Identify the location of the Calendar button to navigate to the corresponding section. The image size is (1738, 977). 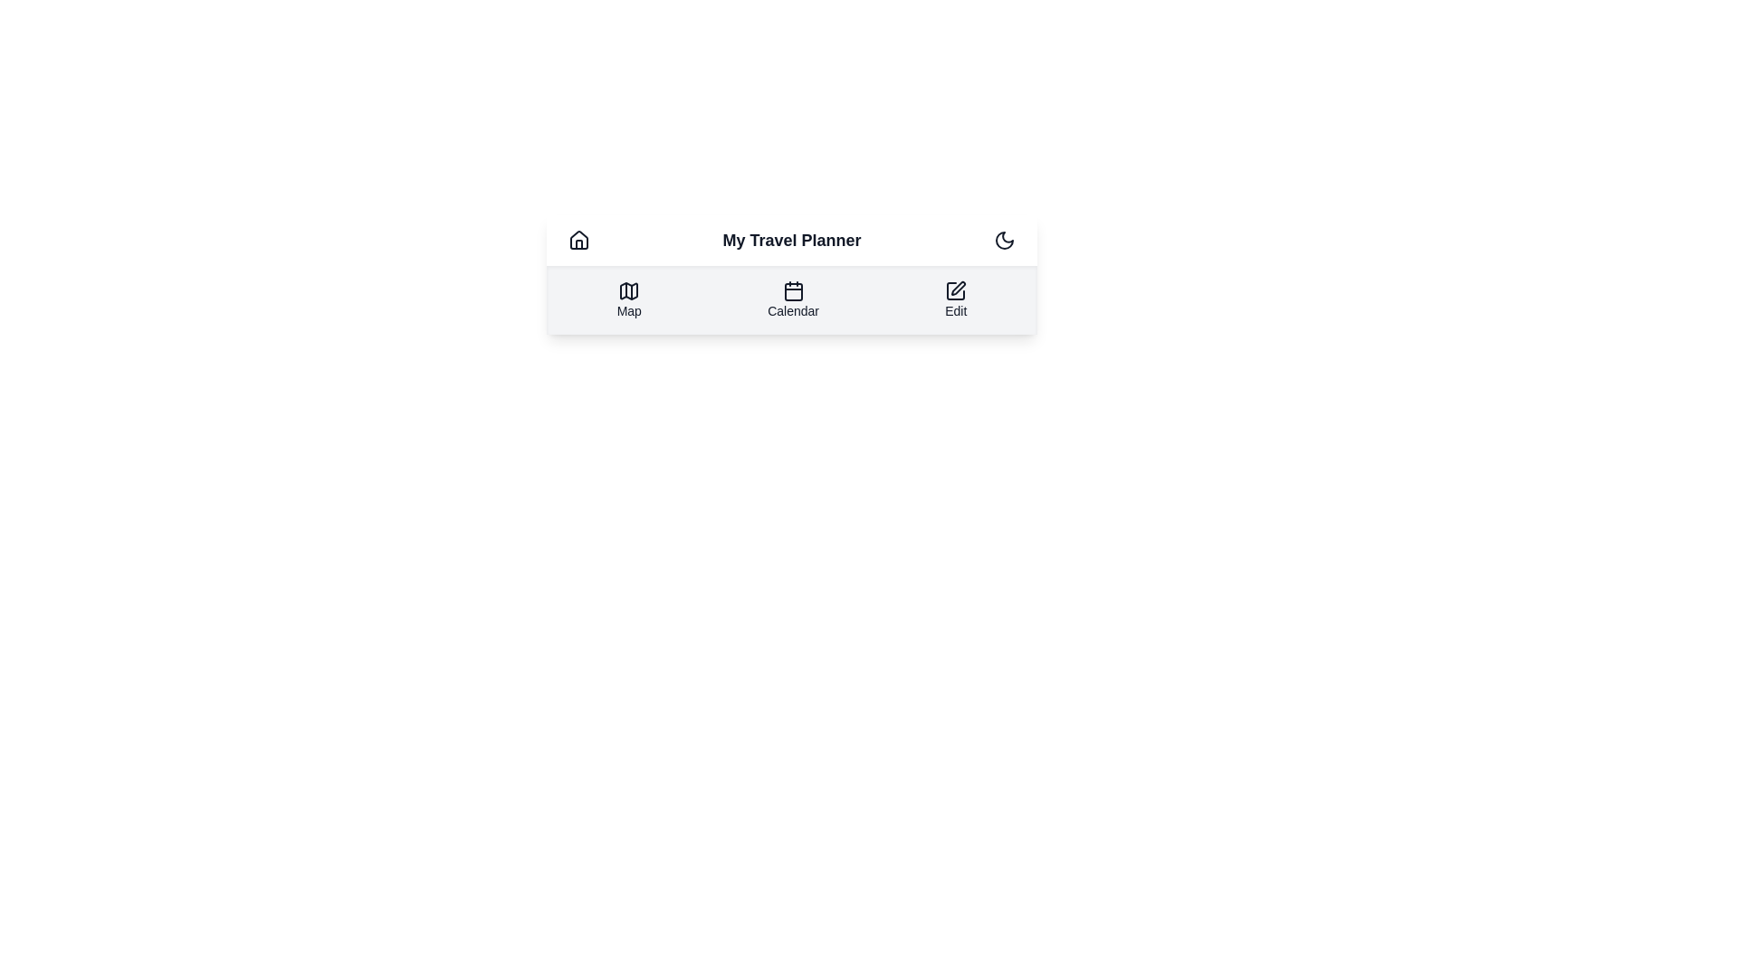
(793, 299).